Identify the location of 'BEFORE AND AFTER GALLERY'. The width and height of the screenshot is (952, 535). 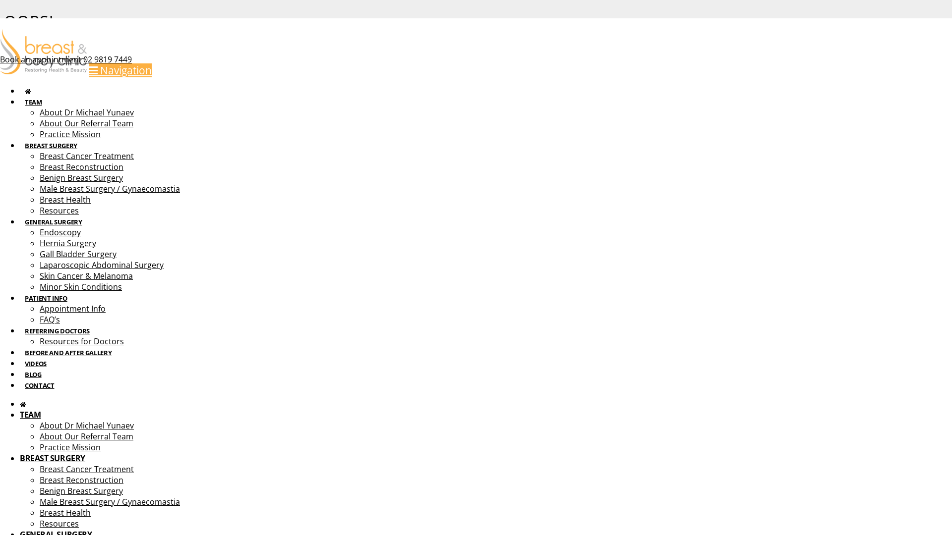
(67, 349).